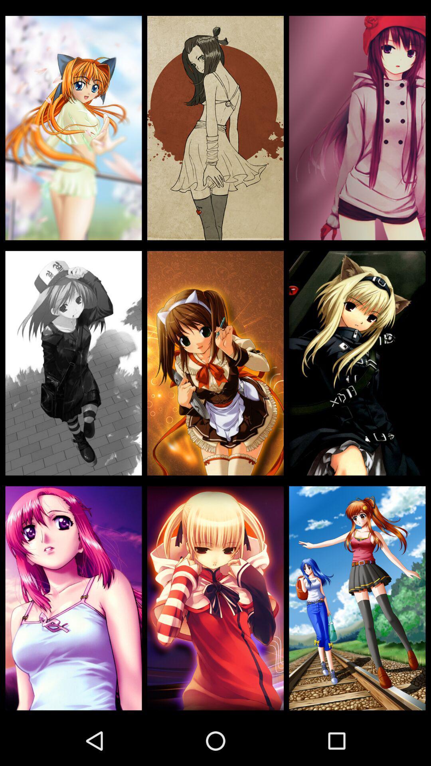 This screenshot has height=766, width=431. What do you see at coordinates (357, 128) in the screenshot?
I see `the icon at the top right corner` at bounding box center [357, 128].